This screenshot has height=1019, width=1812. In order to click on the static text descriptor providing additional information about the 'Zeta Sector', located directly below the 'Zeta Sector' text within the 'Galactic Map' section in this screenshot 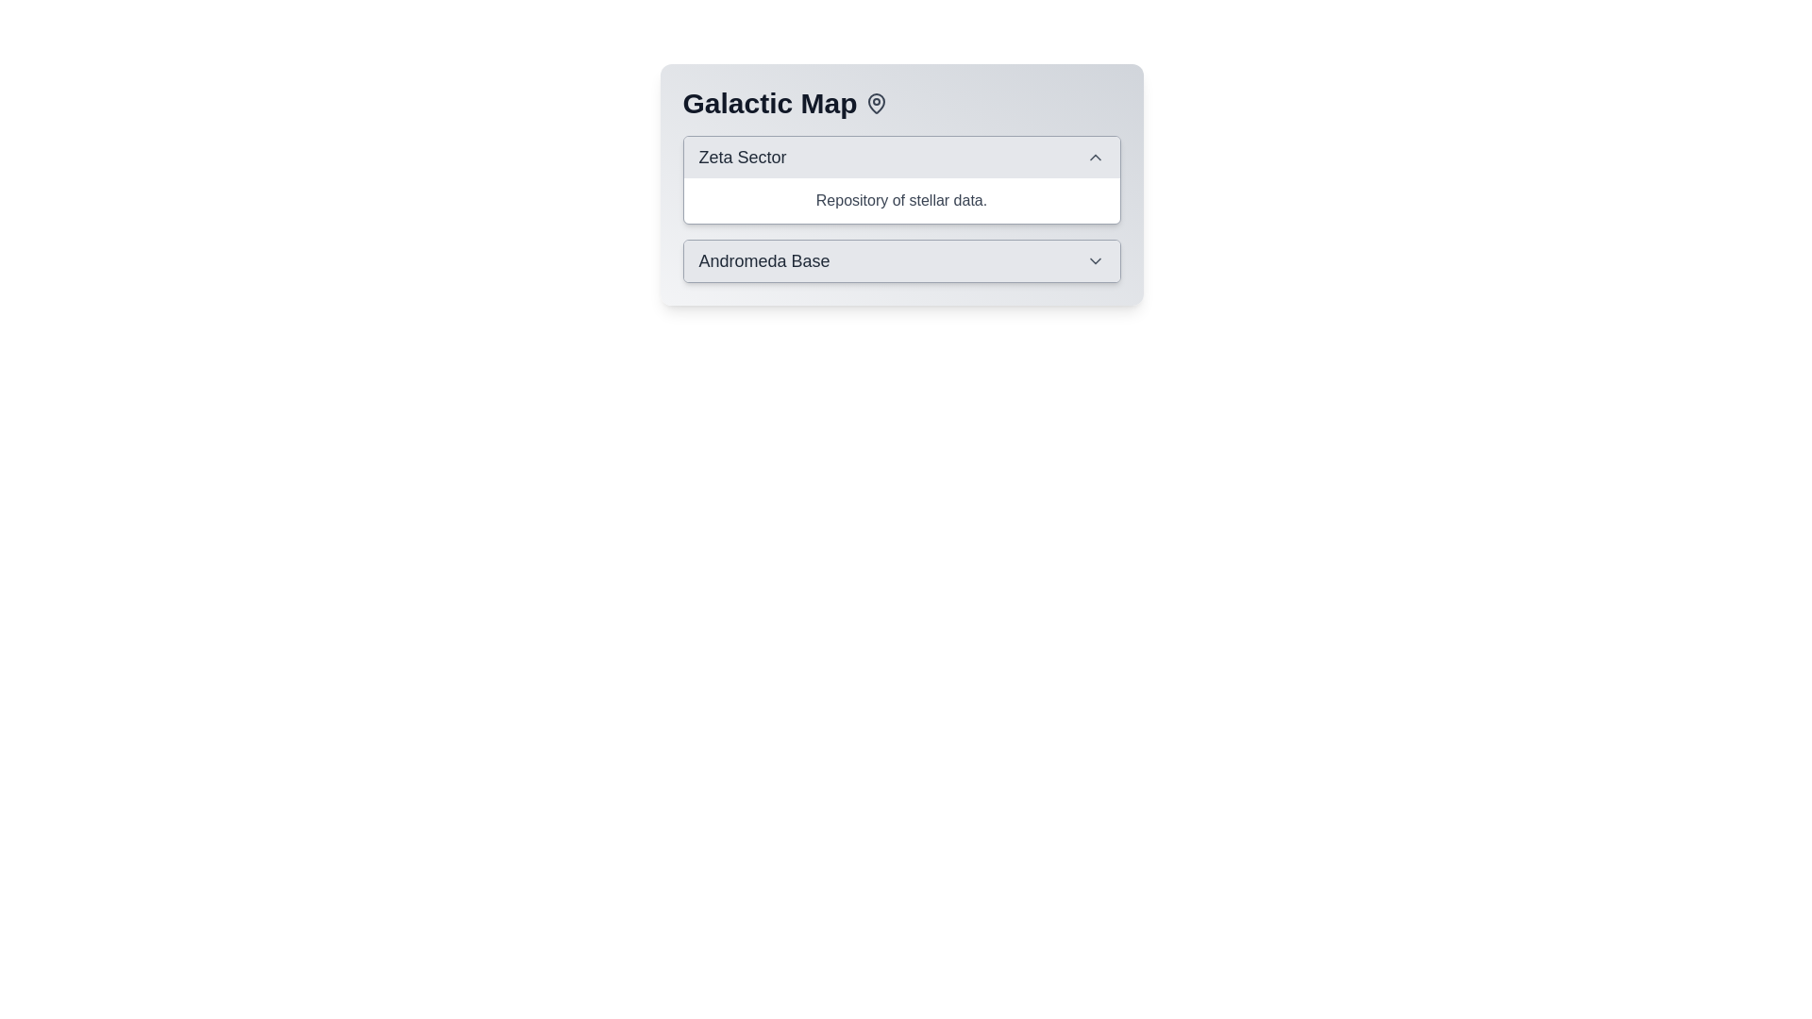, I will do `click(900, 200)`.